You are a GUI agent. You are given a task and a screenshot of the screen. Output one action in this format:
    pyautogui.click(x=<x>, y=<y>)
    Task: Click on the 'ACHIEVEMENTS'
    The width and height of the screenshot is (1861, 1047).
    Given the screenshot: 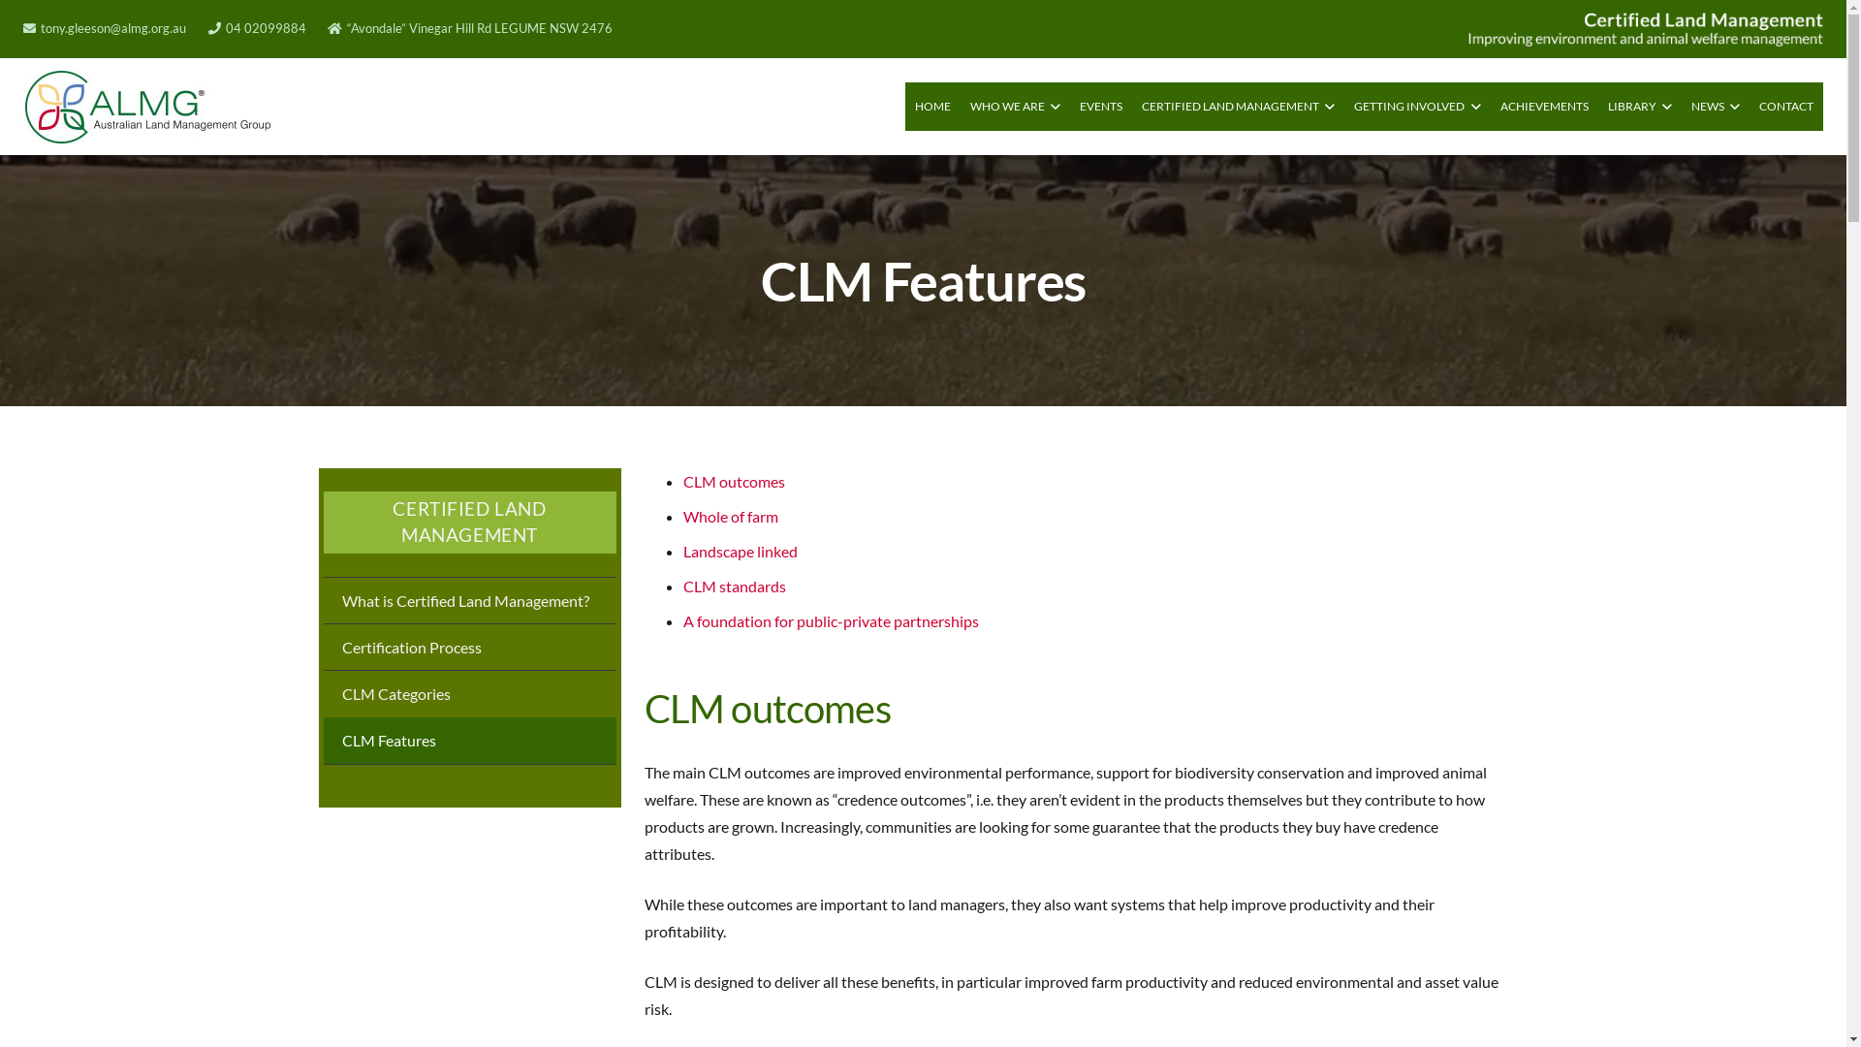 What is the action you would take?
    pyautogui.click(x=1489, y=107)
    